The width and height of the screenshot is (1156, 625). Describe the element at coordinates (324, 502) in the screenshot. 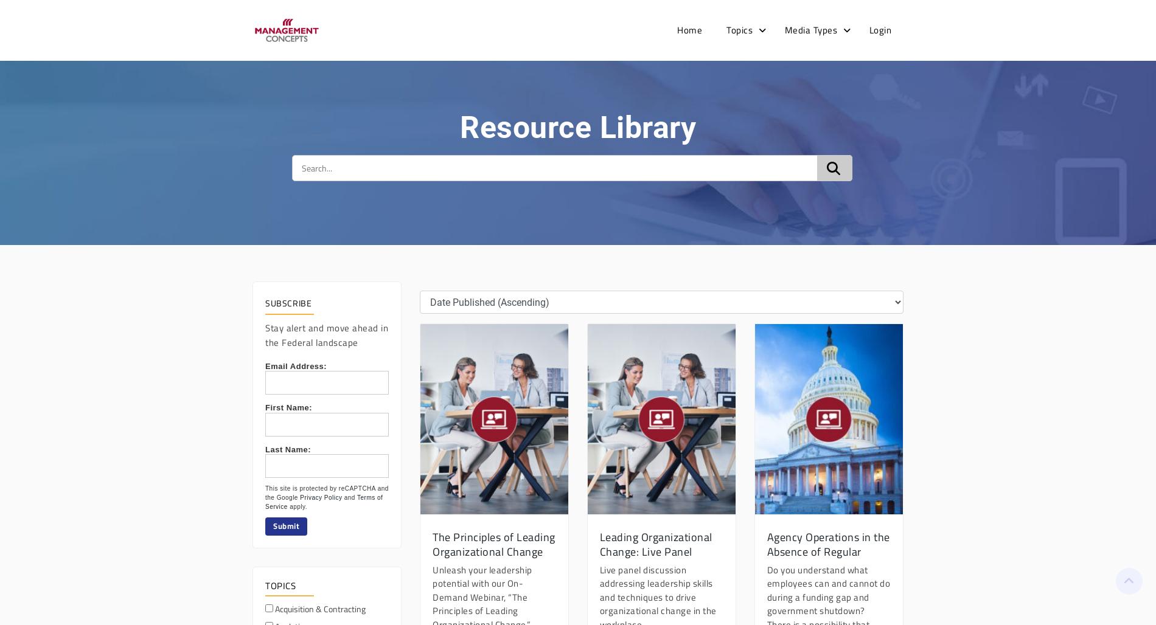

I see `'Terms of Service'` at that location.